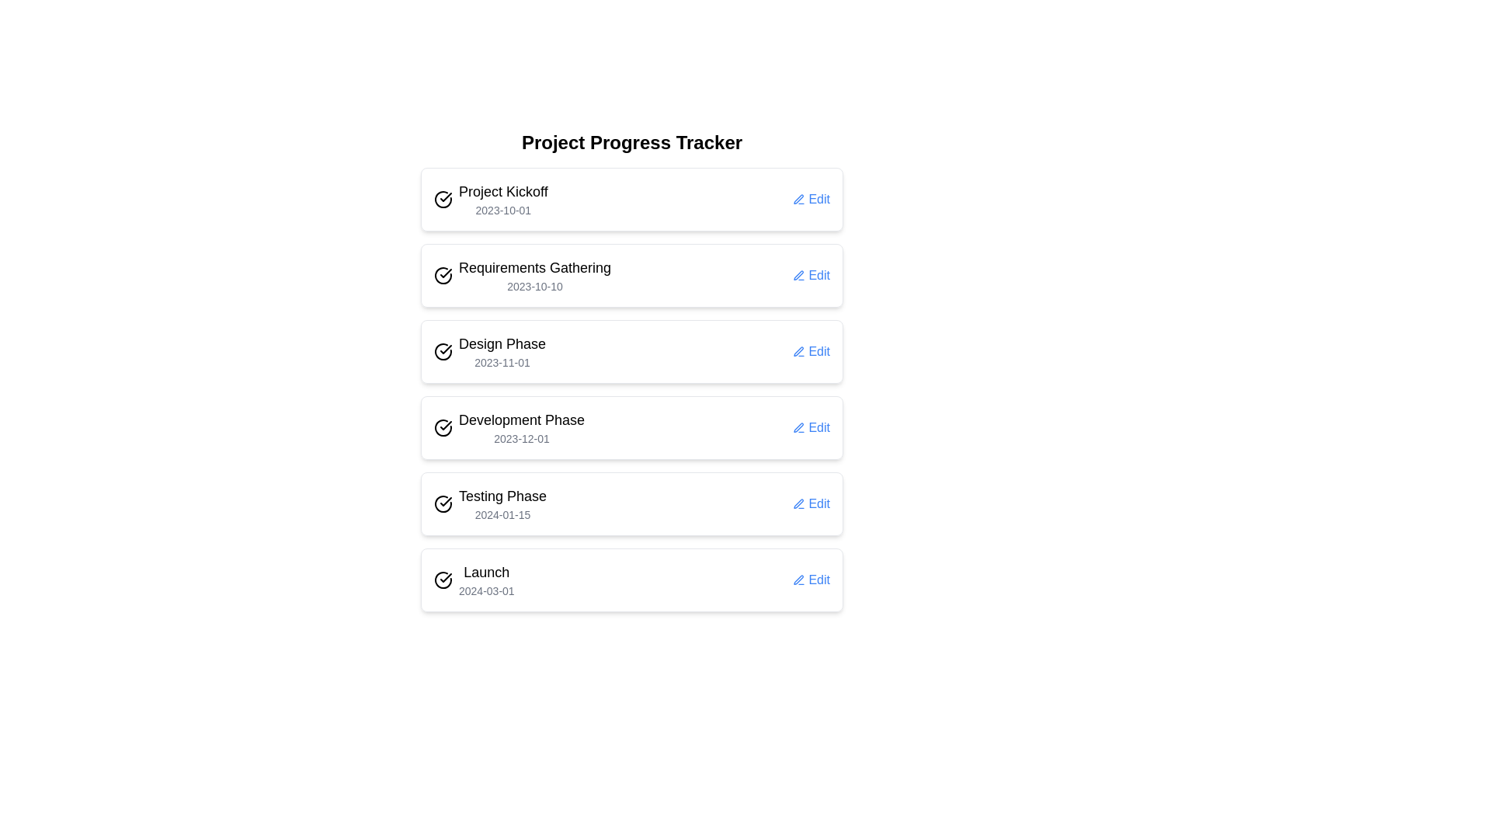  I want to click on the status indicator icon that visually conveys the completion status of the 'Launch' step in the progress tracker, which is located on the far left adjacent to the associated label and date information, so click(443, 580).